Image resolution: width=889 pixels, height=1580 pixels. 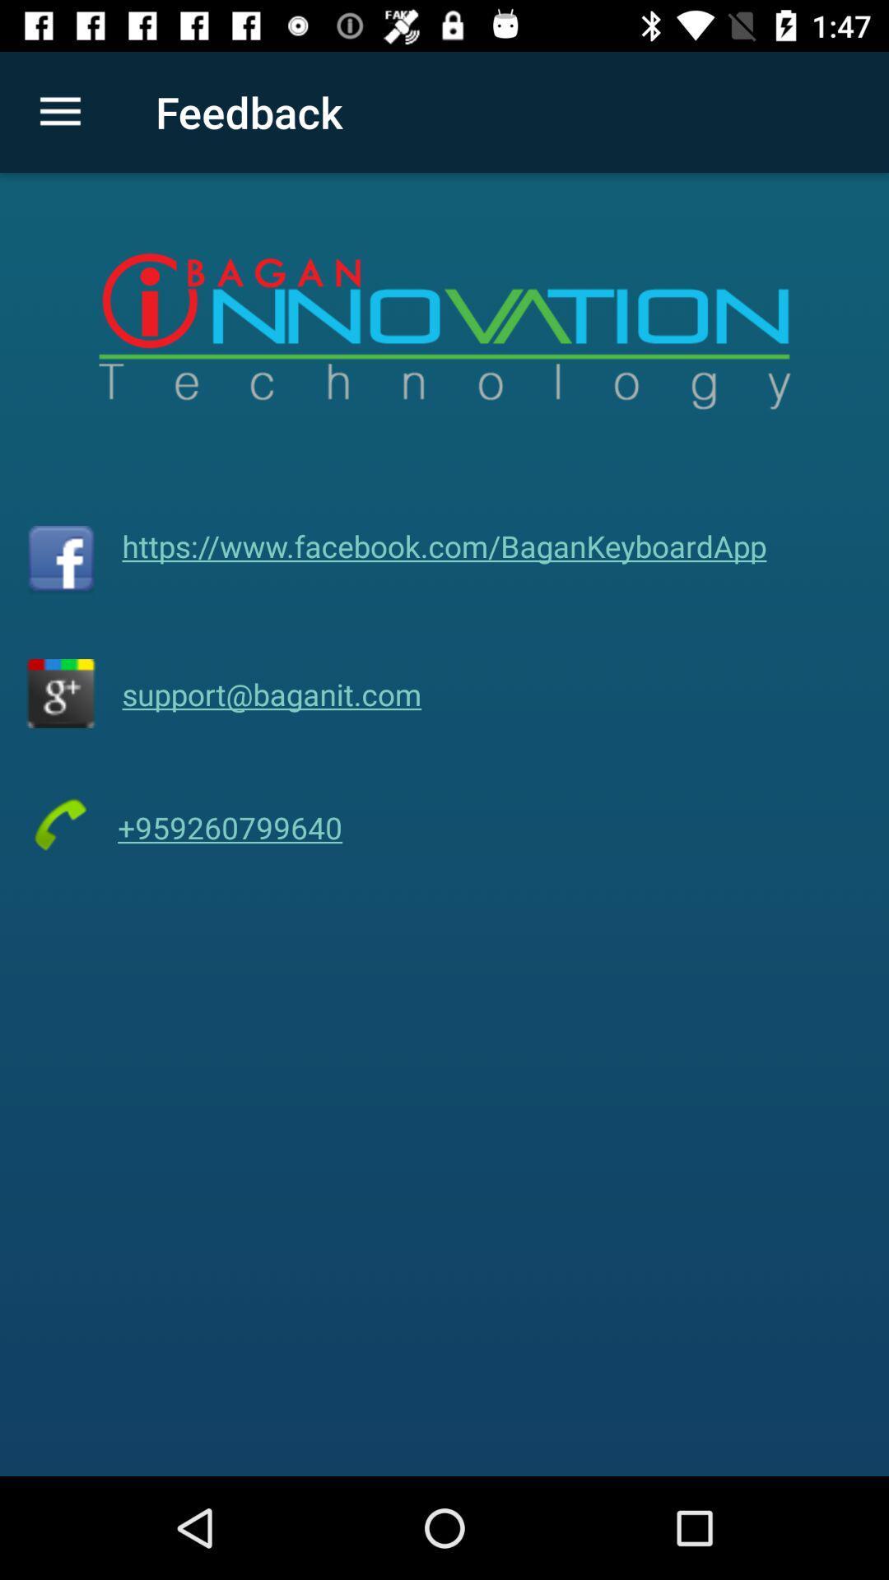 I want to click on the +959260799640, so click(x=230, y=827).